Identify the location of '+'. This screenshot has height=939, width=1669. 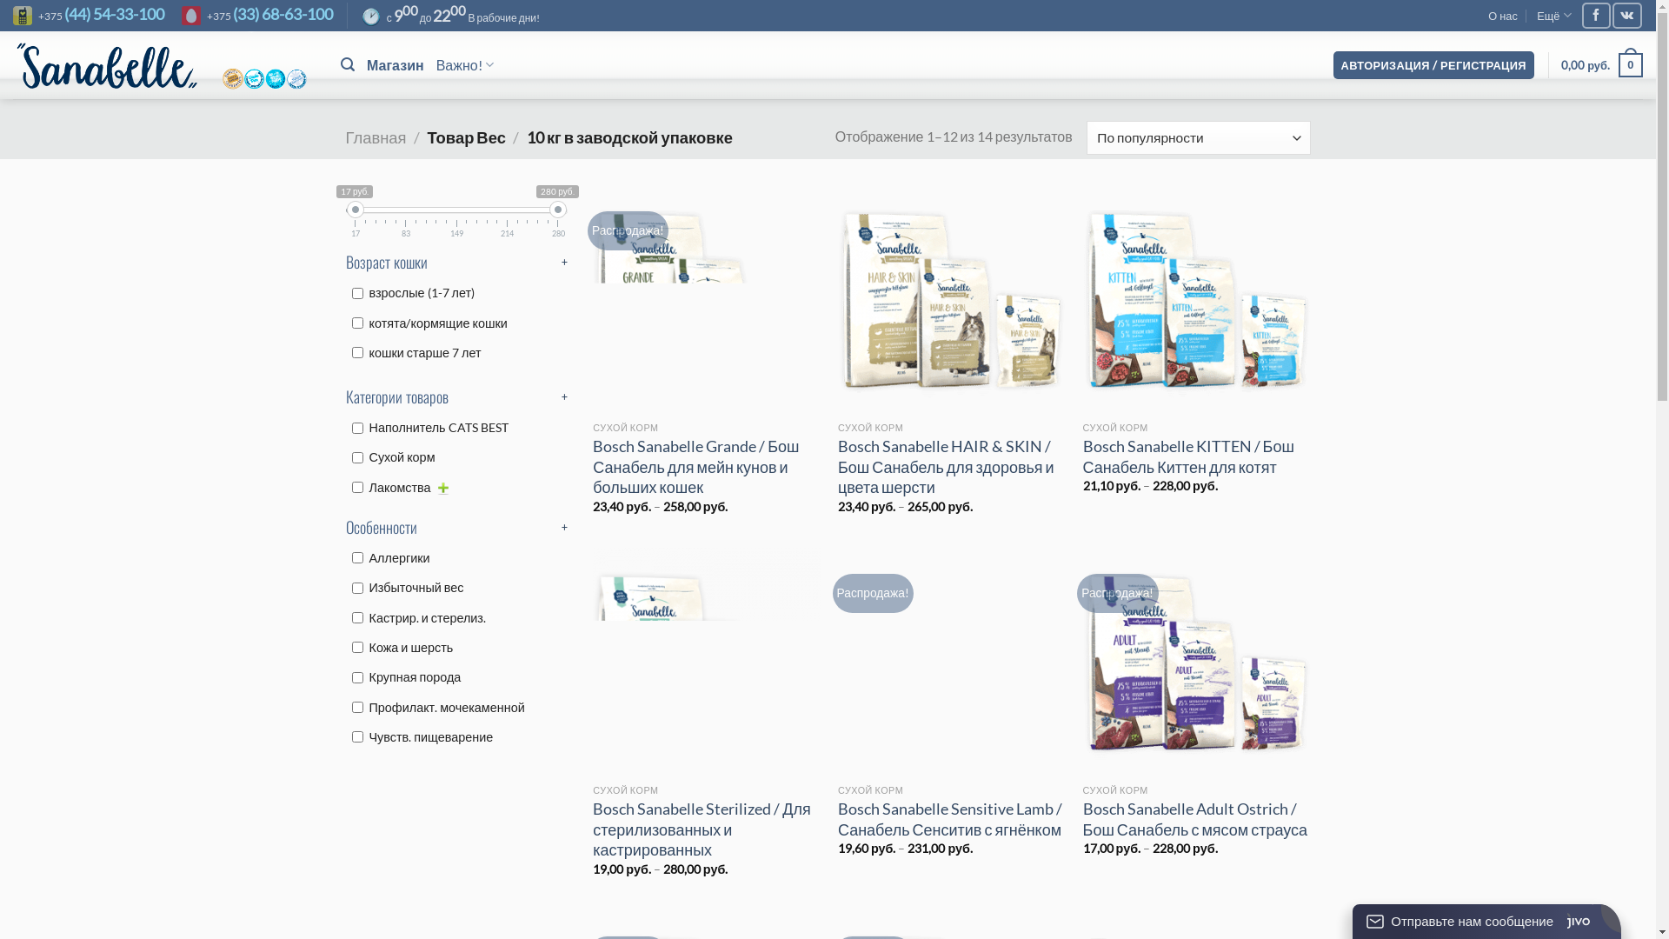
(562, 262).